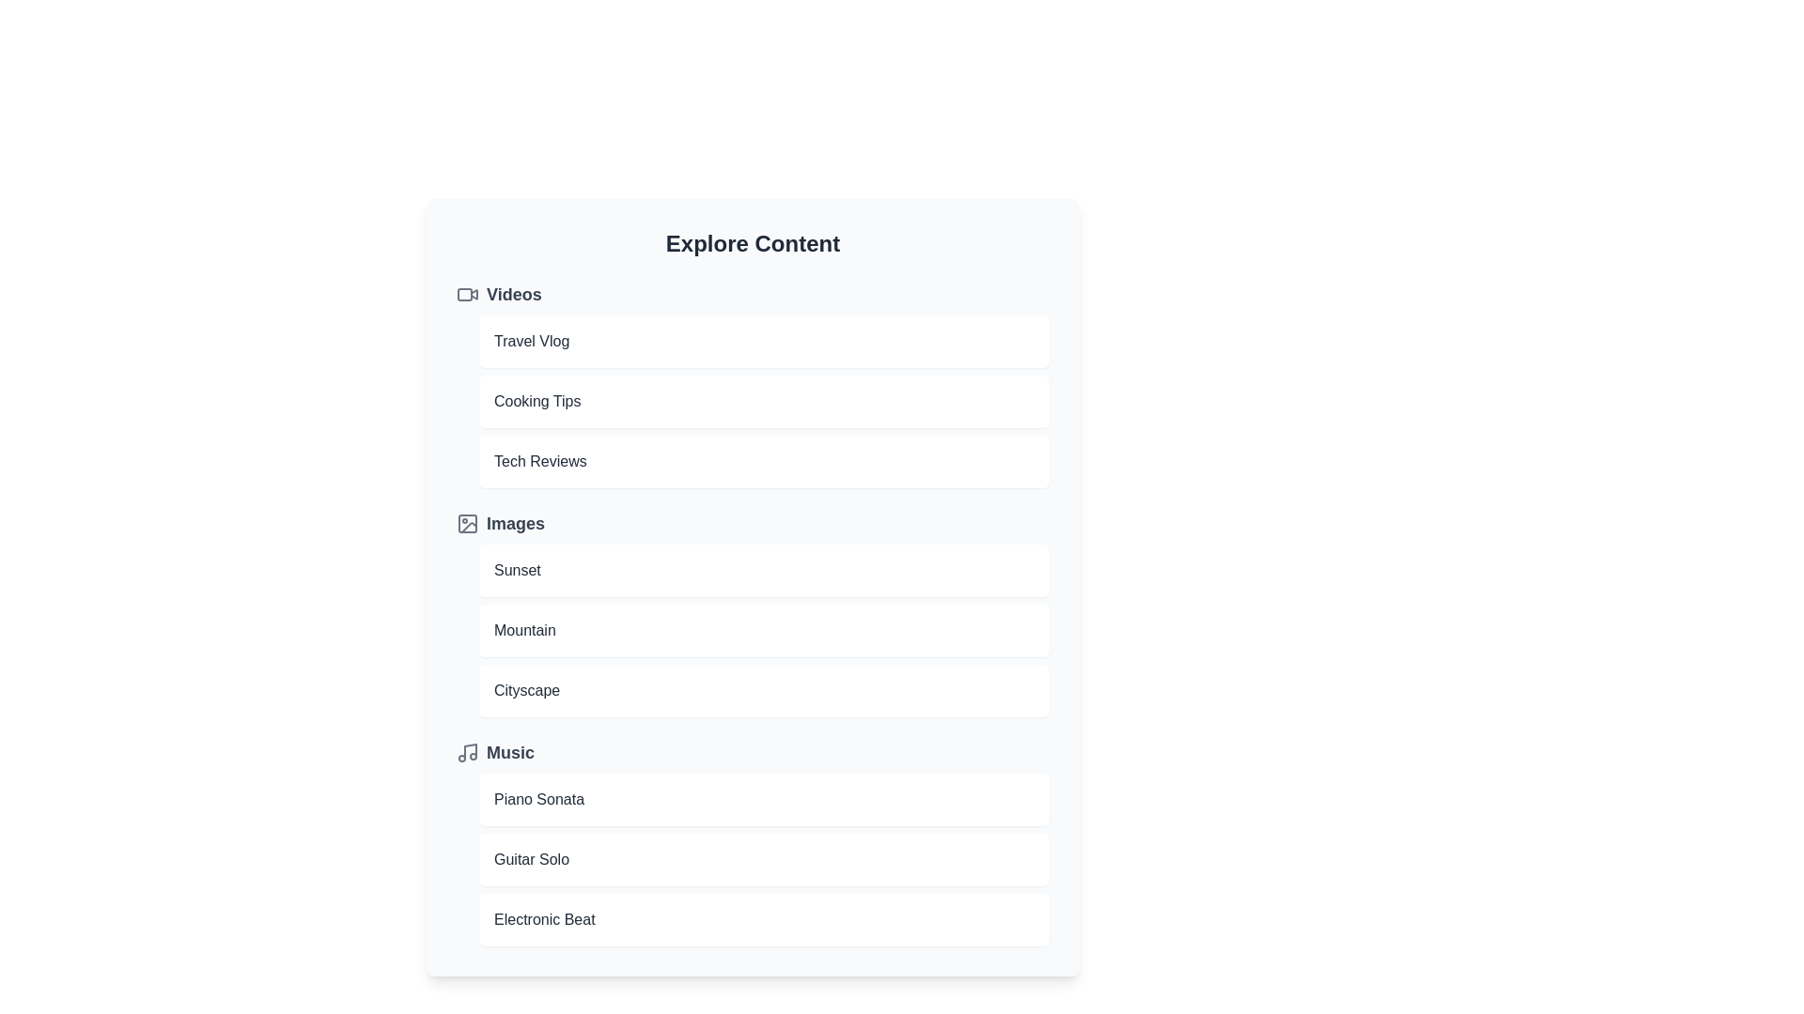 Image resolution: width=1804 pixels, height=1014 pixels. What do you see at coordinates (764, 800) in the screenshot?
I see `the item Piano Sonata to preview it` at bounding box center [764, 800].